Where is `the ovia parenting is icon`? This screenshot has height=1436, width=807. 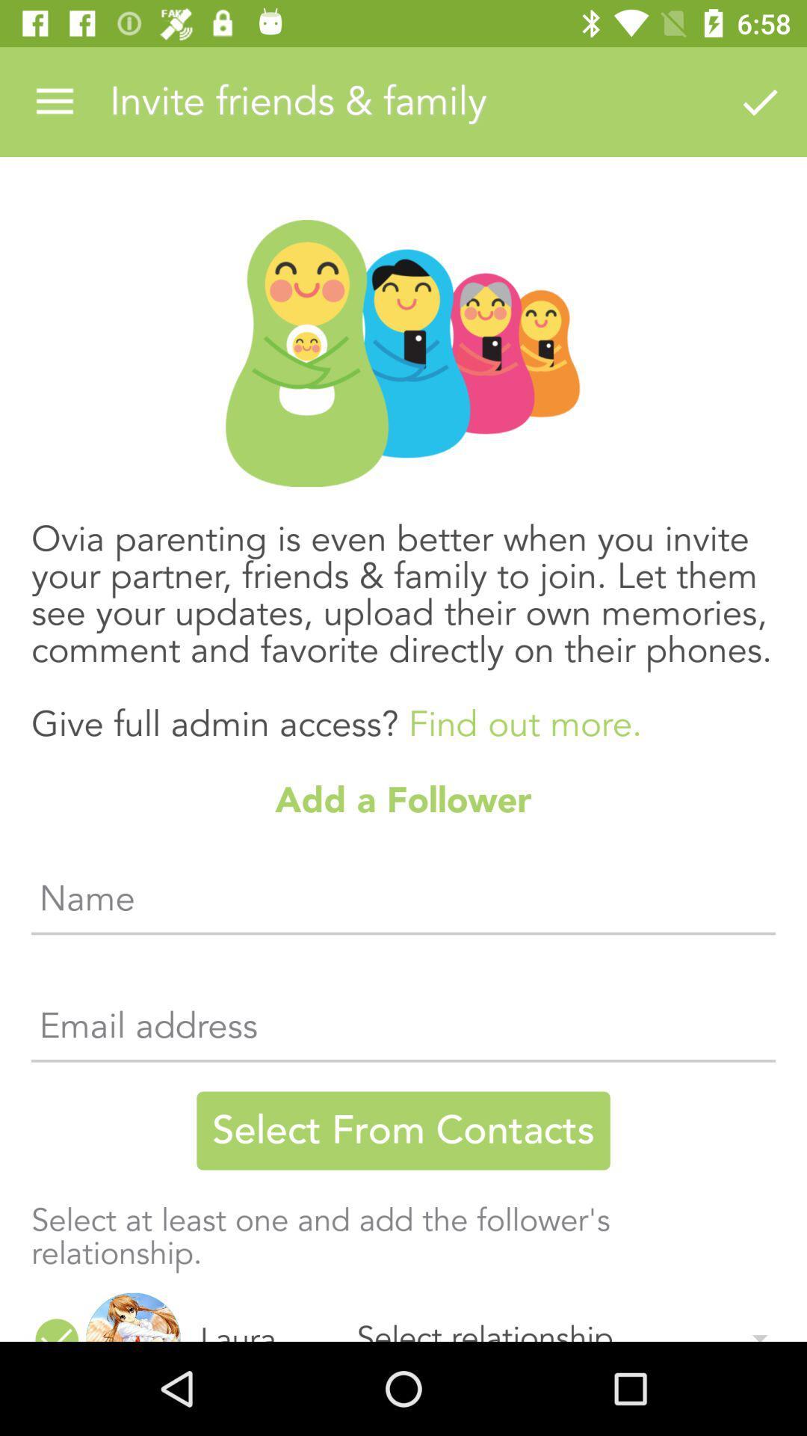
the ovia parenting is icon is located at coordinates (403, 616).